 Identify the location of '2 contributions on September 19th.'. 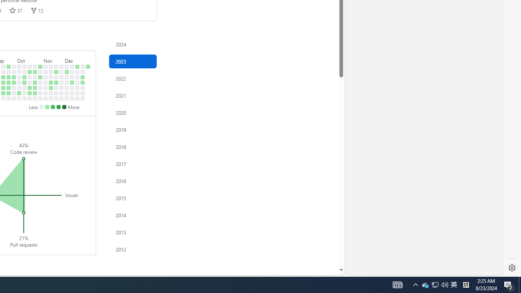
(9, 77).